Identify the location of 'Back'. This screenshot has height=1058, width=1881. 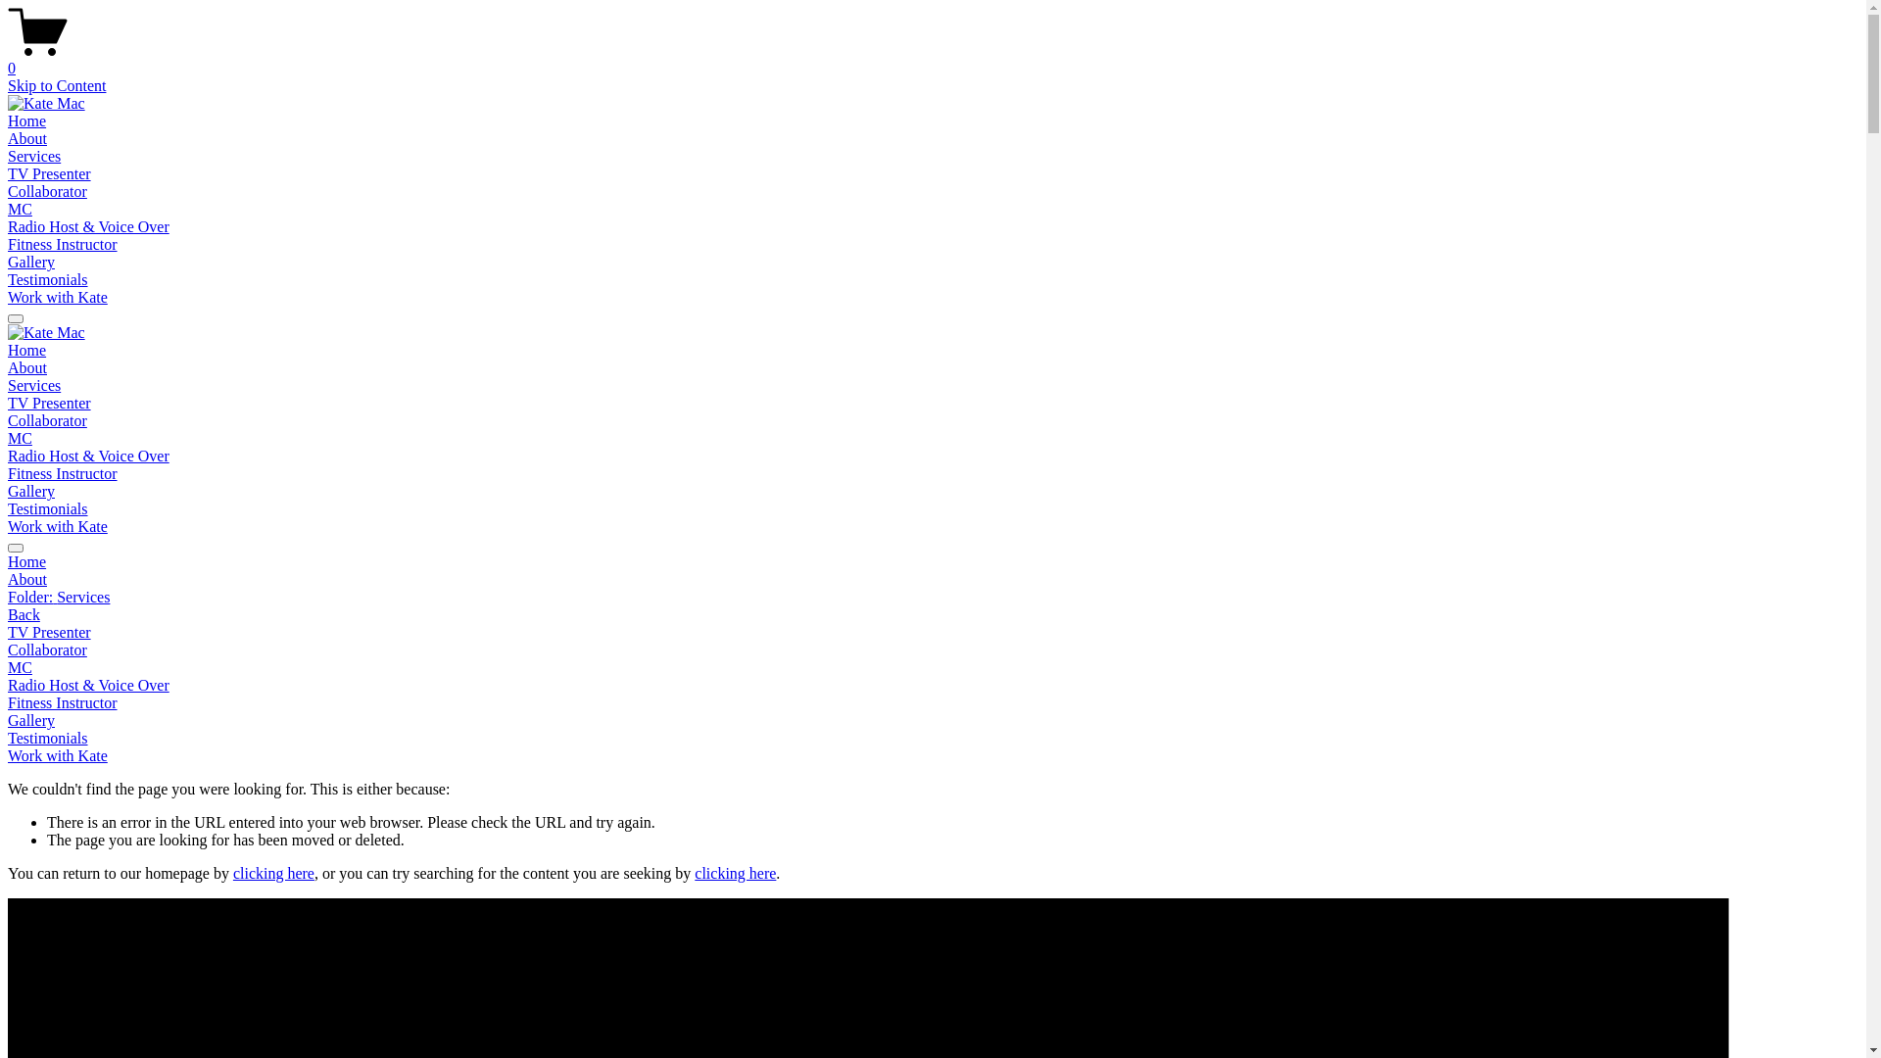
(8, 613).